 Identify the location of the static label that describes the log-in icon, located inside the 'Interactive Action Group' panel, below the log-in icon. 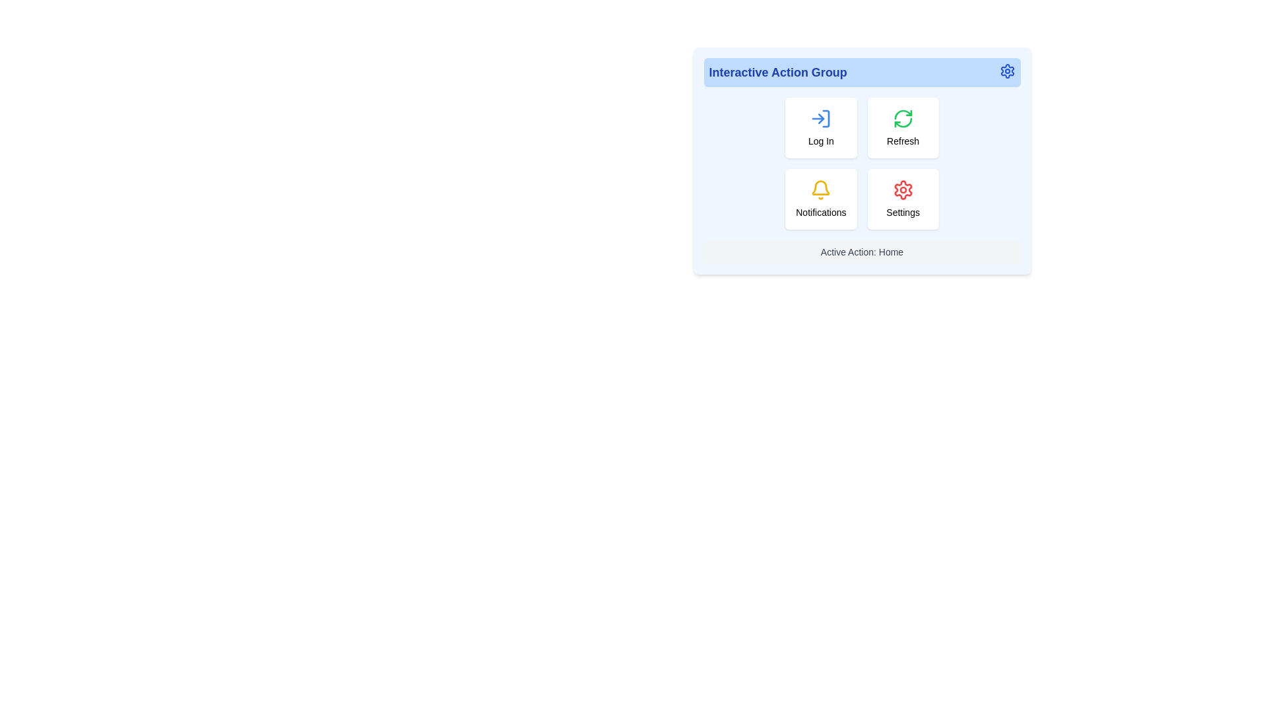
(820, 141).